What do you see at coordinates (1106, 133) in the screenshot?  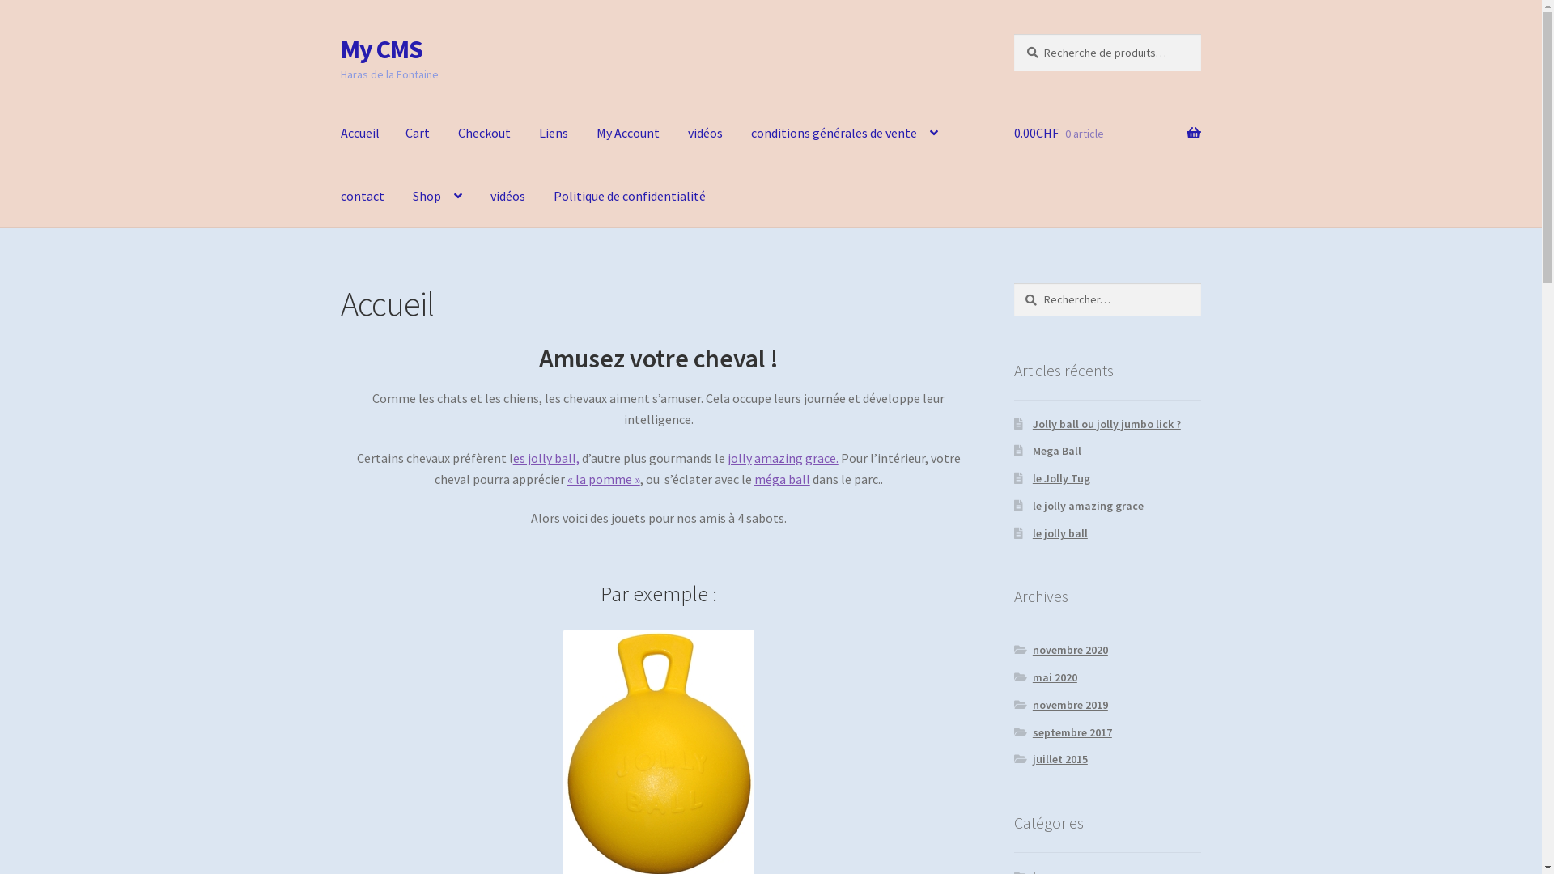 I see `'0.00CHF 0 article'` at bounding box center [1106, 133].